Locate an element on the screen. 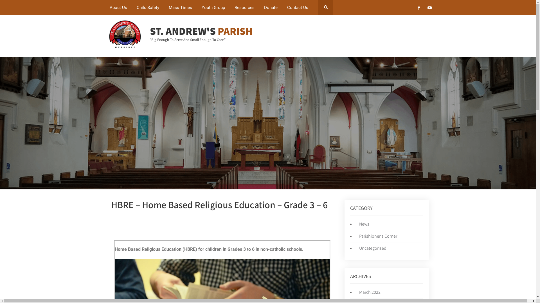  'Uncategorised' is located at coordinates (371, 248).